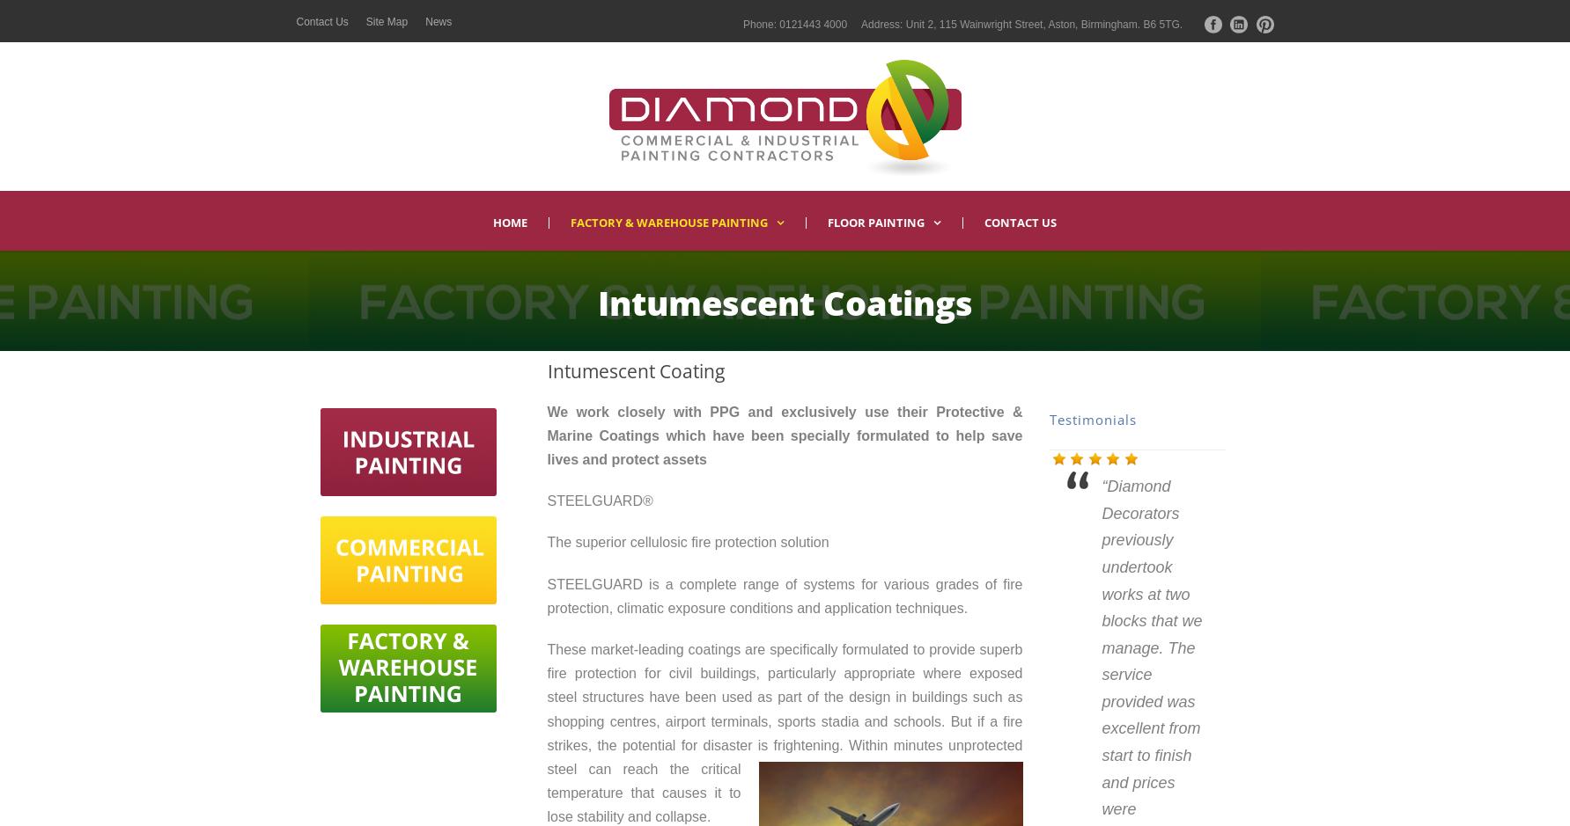 This screenshot has height=826, width=1570. What do you see at coordinates (784, 596) in the screenshot?
I see `'STEELGUARD is a complete range of systems for various grades of fire protection, climatic exposure conditions and application techniques.'` at bounding box center [784, 596].